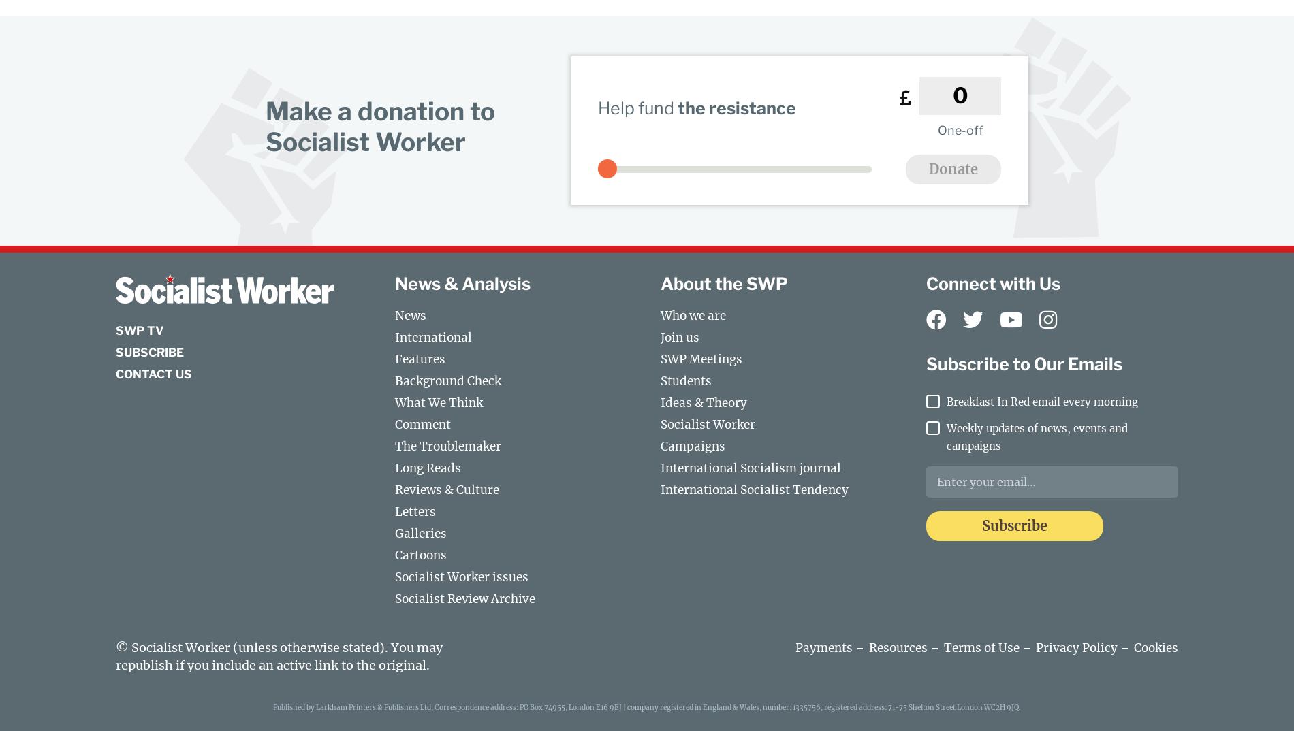  Describe the element at coordinates (952, 168) in the screenshot. I see `'Donate'` at that location.